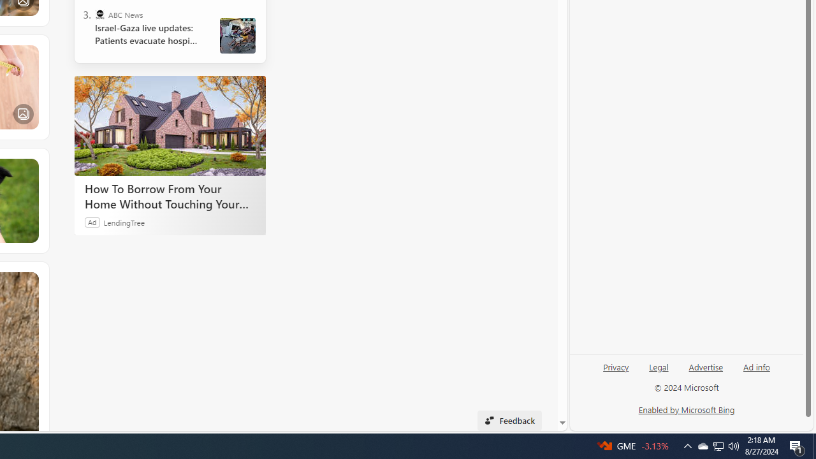 The image size is (816, 459). I want to click on 'Advertise', so click(705, 366).